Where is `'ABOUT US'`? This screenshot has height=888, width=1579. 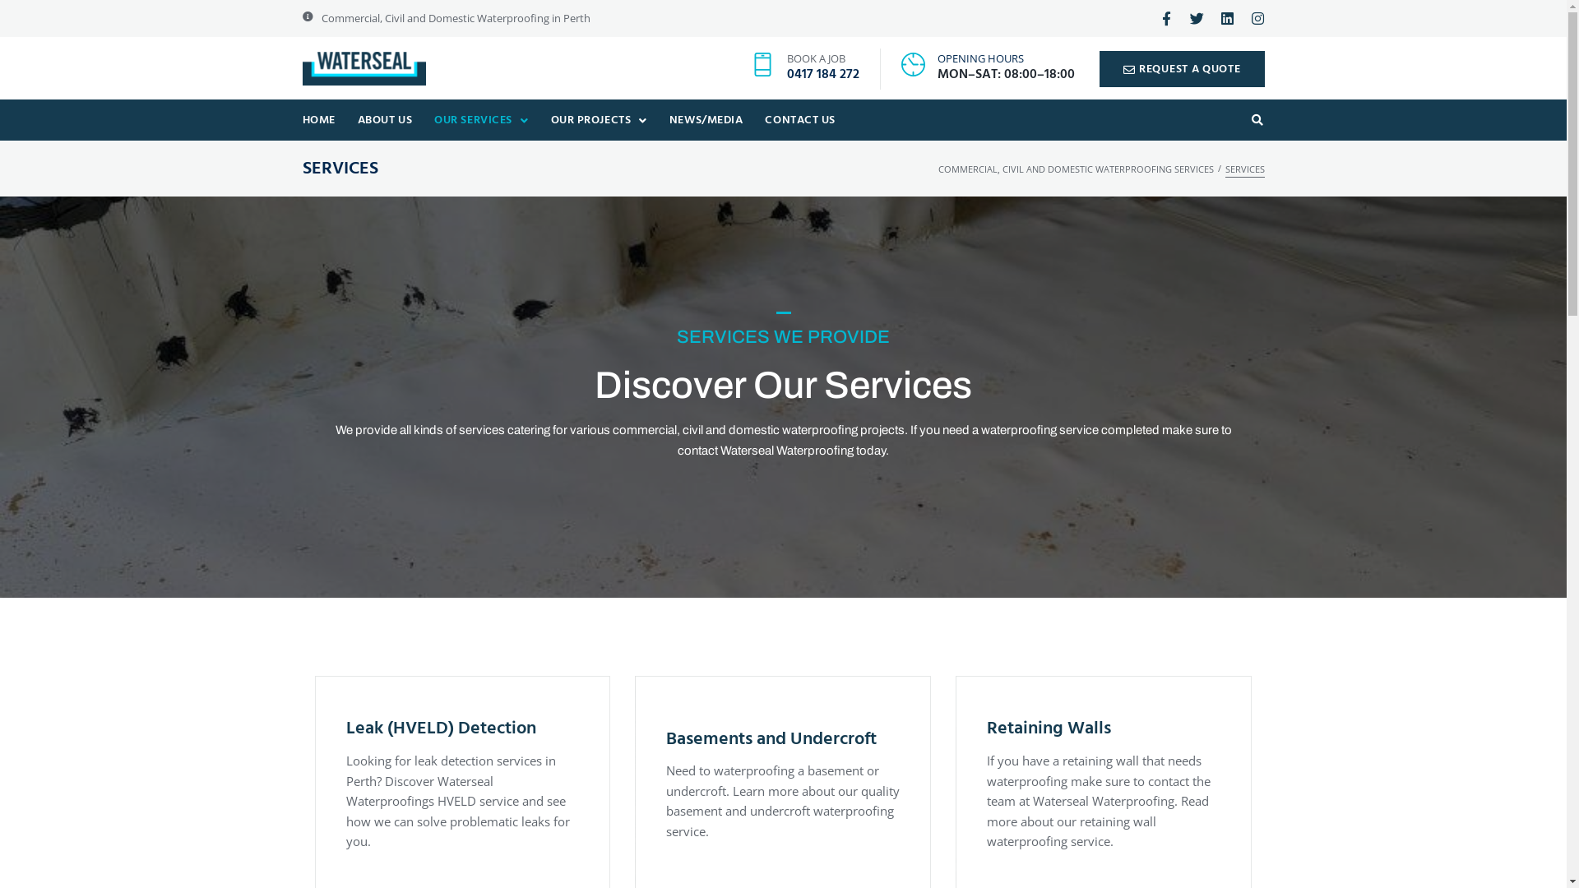
'ABOUT US' is located at coordinates (383, 119).